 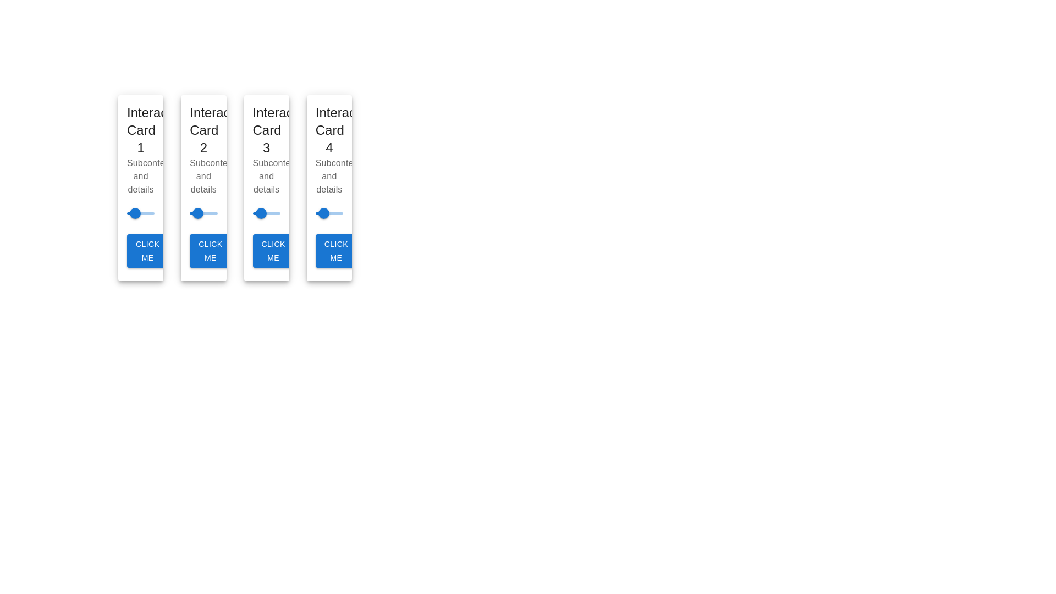 What do you see at coordinates (133, 213) in the screenshot?
I see `the slider value` at bounding box center [133, 213].